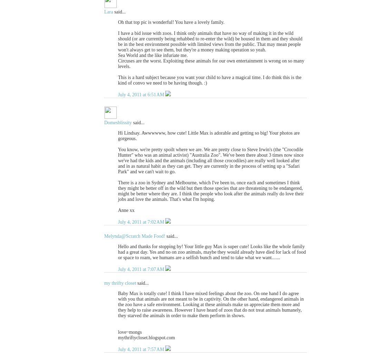 The width and height of the screenshot is (391, 361). Describe the element at coordinates (210, 41) in the screenshot. I see `'I have a bid issue with zoos. I think only animals that have no way of making it in the wild should (or are currently being rehabbed to re-enter the wild) be housed in them and they should be in the best environment possible with limited views from the public. That may mean people won't always get to see them, but they're a money making operation so yeah.'` at that location.